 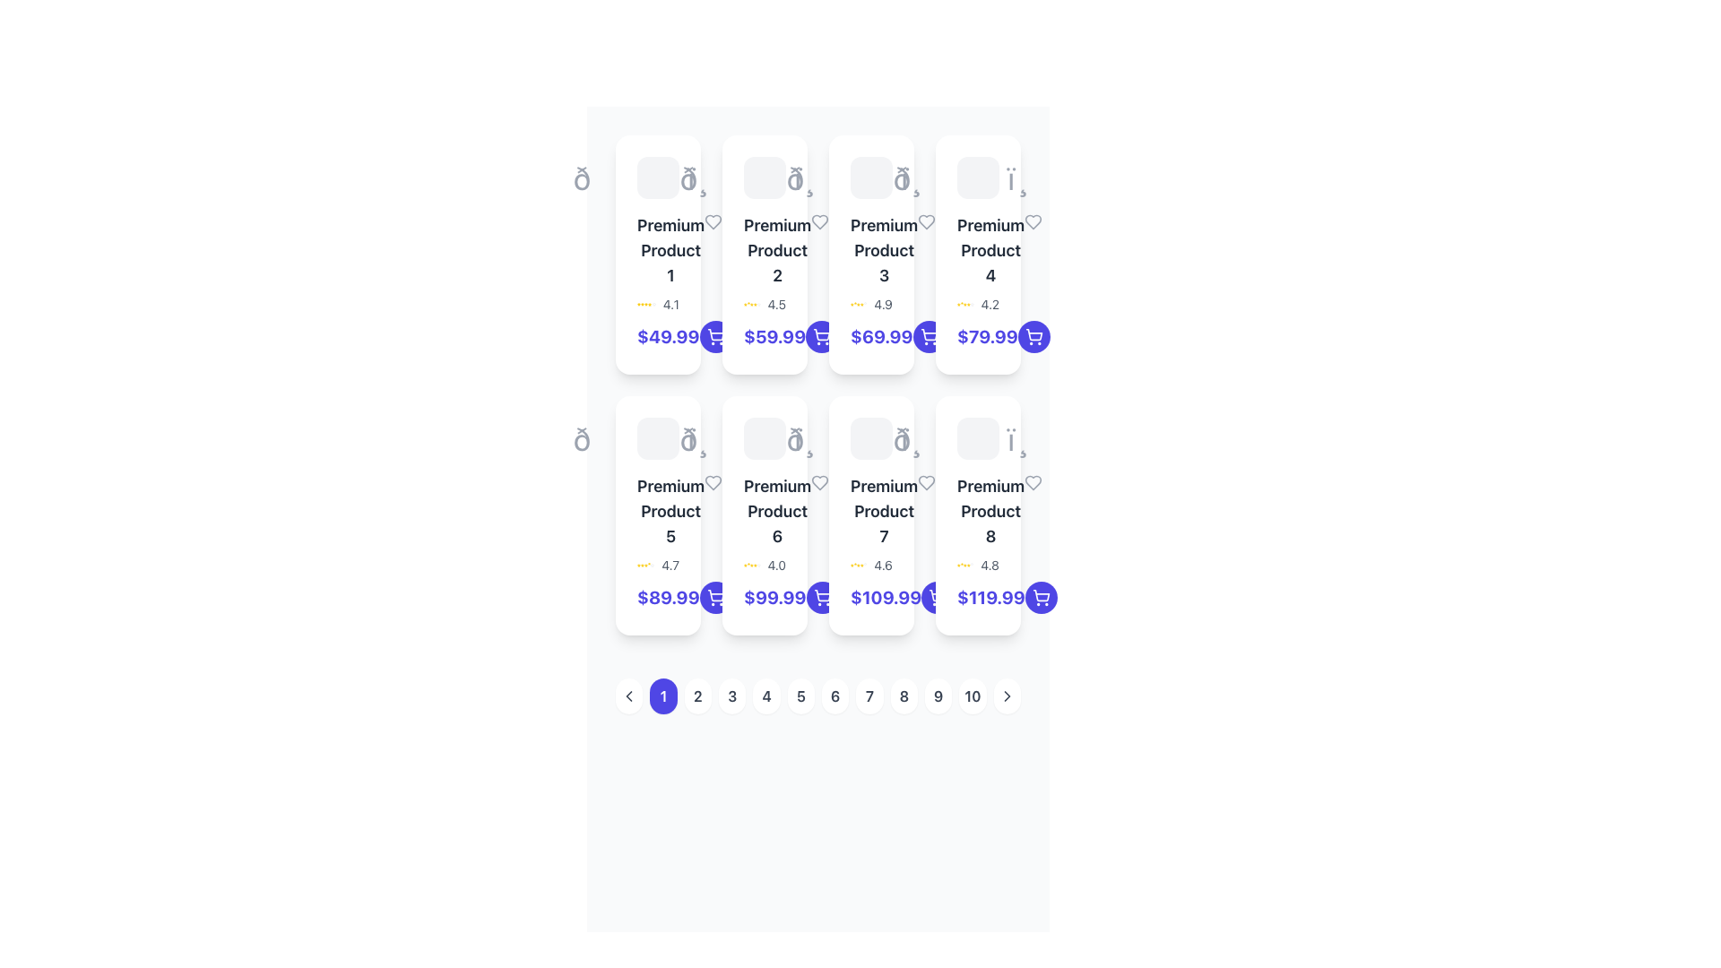 What do you see at coordinates (657, 303) in the screenshot?
I see `the rating stars in the 'Premium Product 1' card, located above the price '$49.99' and below the title 'Premium Product 1', to interact with the ratings` at bounding box center [657, 303].